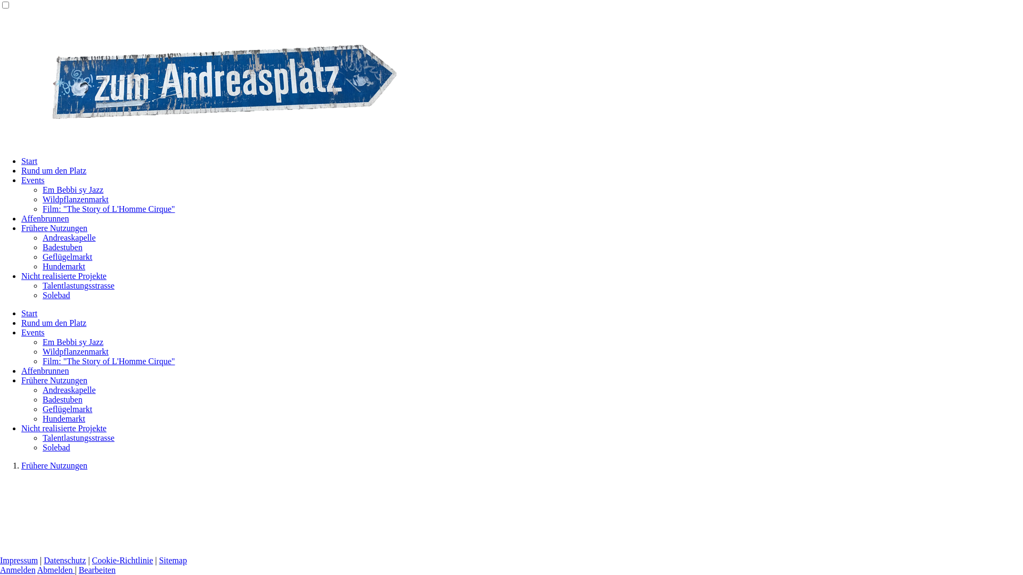  Describe the element at coordinates (44, 370) in the screenshot. I see `'Affenbrunnen'` at that location.